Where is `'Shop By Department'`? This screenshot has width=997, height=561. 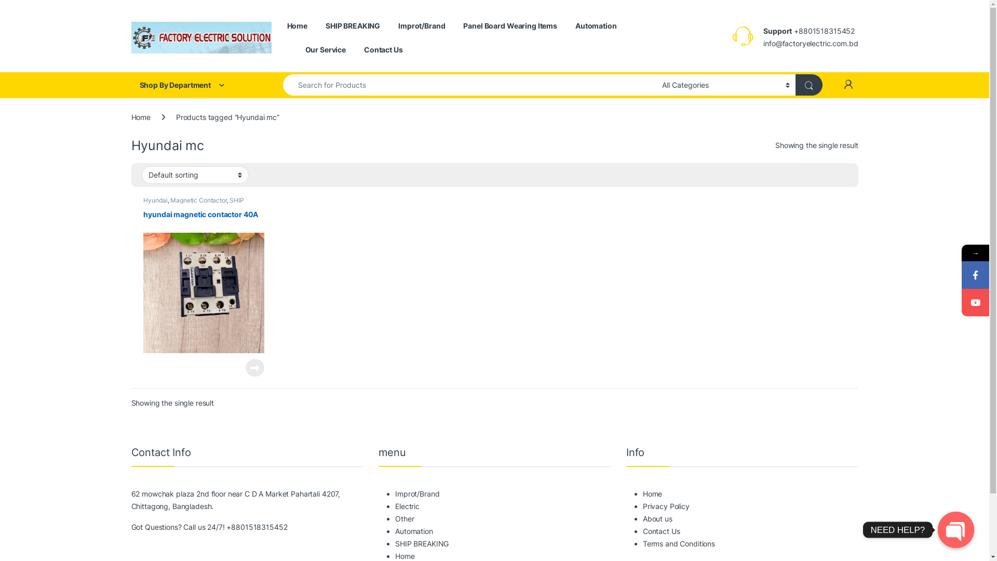 'Shop By Department' is located at coordinates (197, 85).